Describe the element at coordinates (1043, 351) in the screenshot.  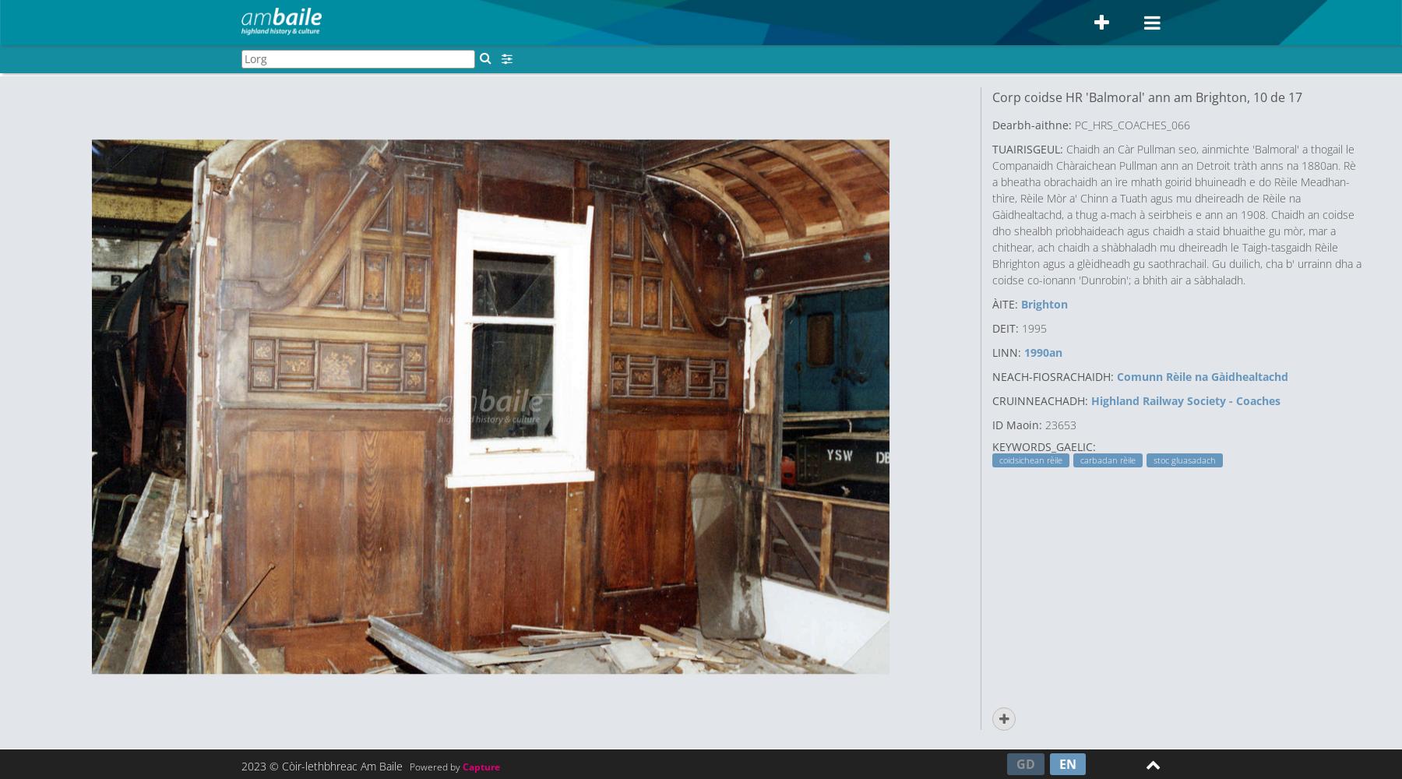
I see `'1990an'` at that location.